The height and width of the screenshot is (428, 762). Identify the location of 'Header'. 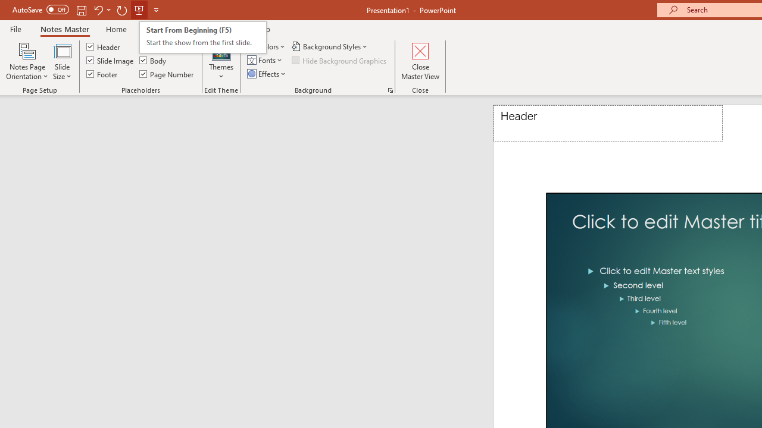
(608, 123).